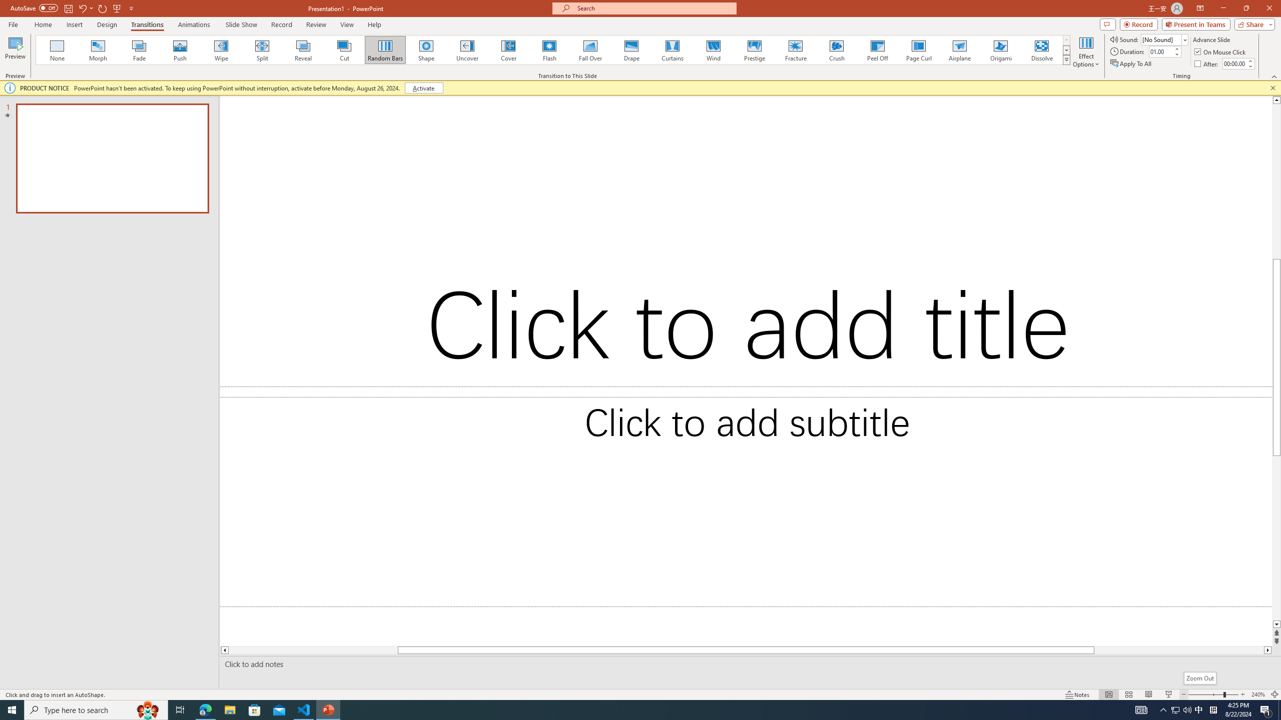  I want to click on 'Random Bars', so click(385, 49).